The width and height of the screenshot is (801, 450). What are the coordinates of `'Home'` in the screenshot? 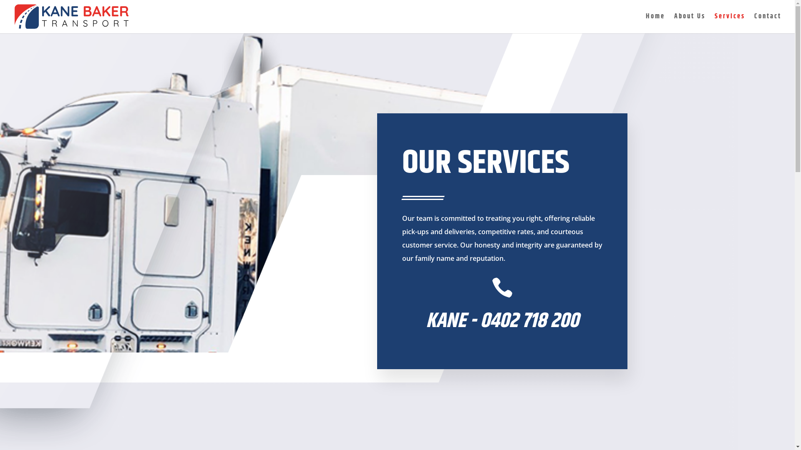 It's located at (655, 23).